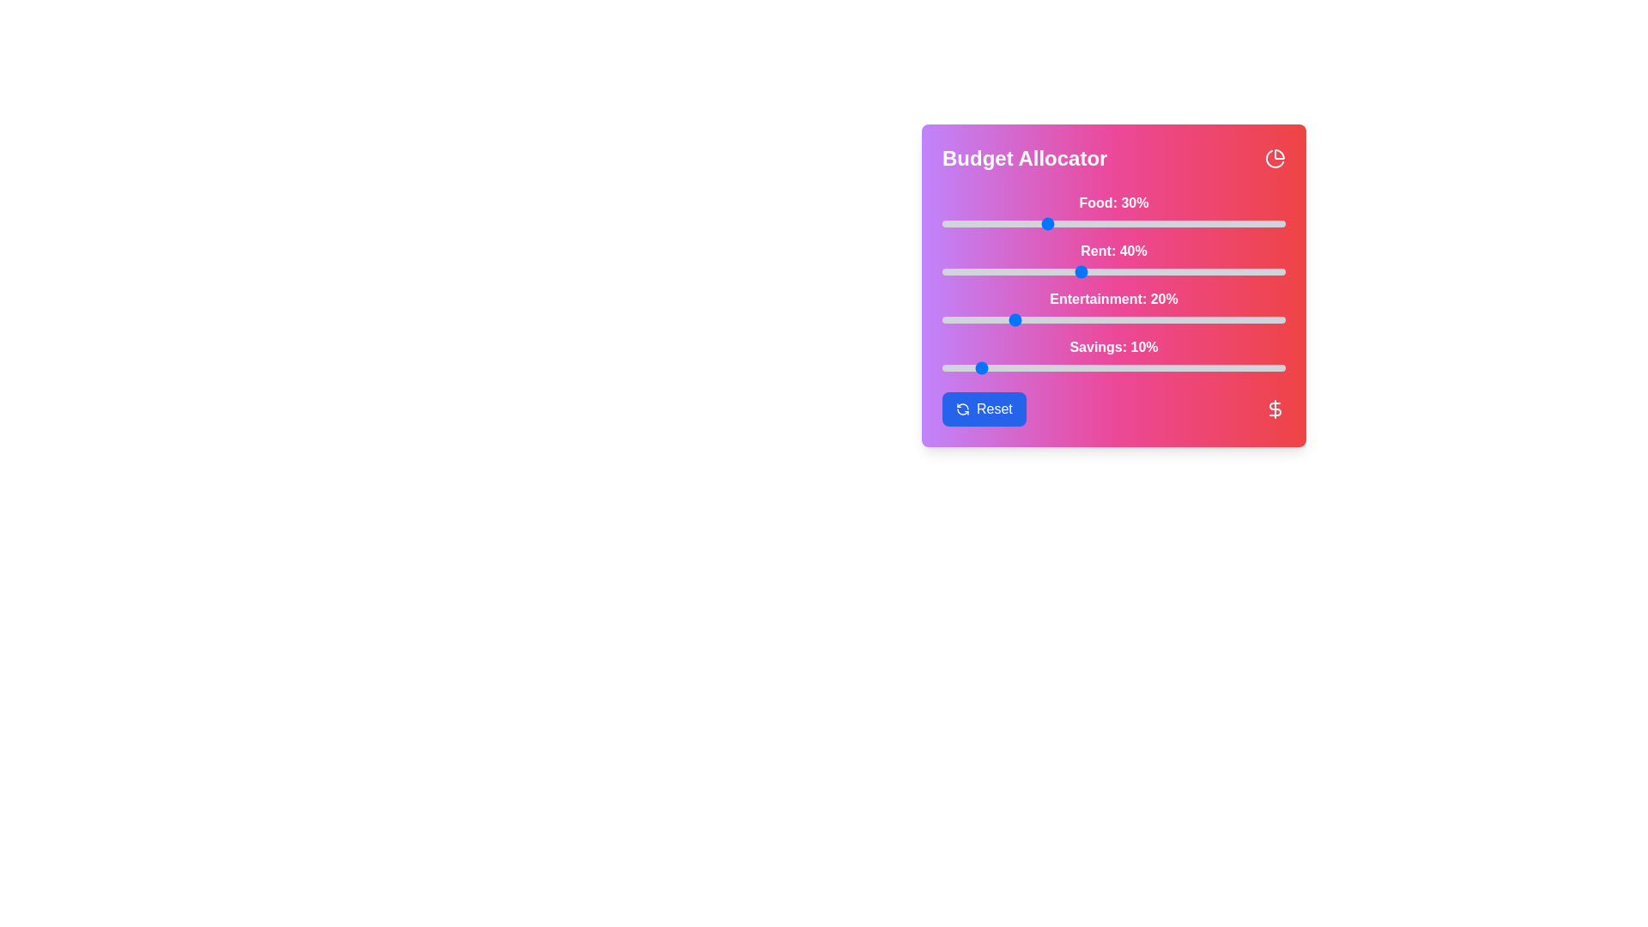 This screenshot has height=927, width=1648. What do you see at coordinates (966, 223) in the screenshot?
I see `the 'Food' budget slider` at bounding box center [966, 223].